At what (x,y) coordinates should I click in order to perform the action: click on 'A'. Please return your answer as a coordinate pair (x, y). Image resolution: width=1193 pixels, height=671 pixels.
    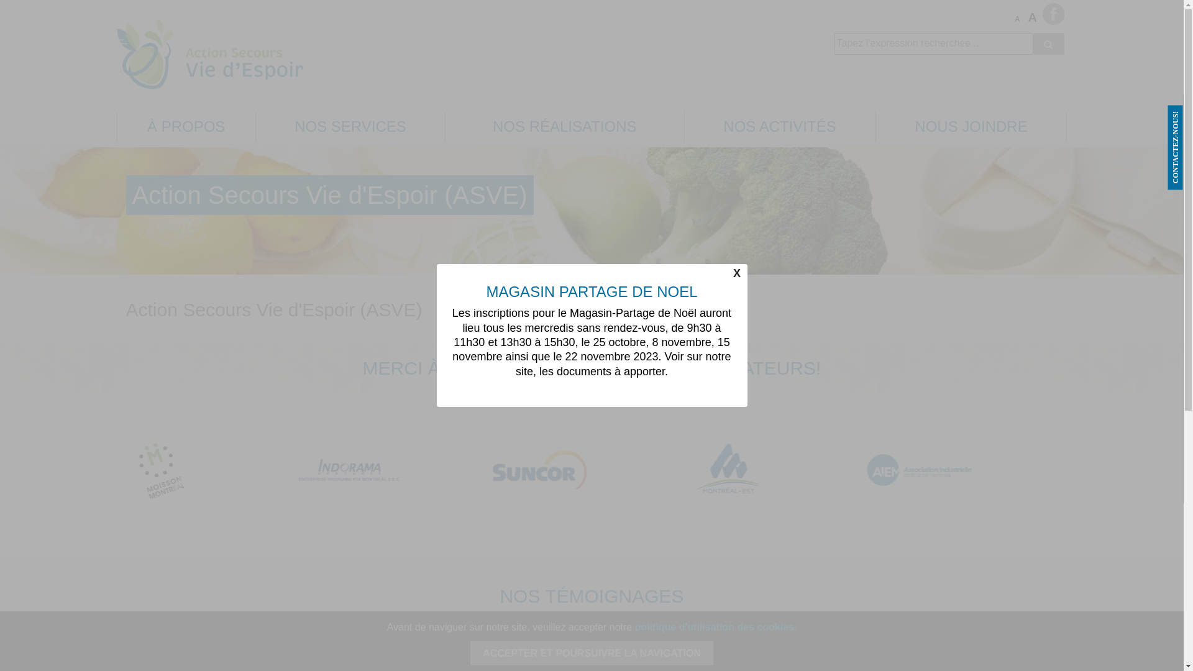
    Looking at the image, I should click on (1033, 17).